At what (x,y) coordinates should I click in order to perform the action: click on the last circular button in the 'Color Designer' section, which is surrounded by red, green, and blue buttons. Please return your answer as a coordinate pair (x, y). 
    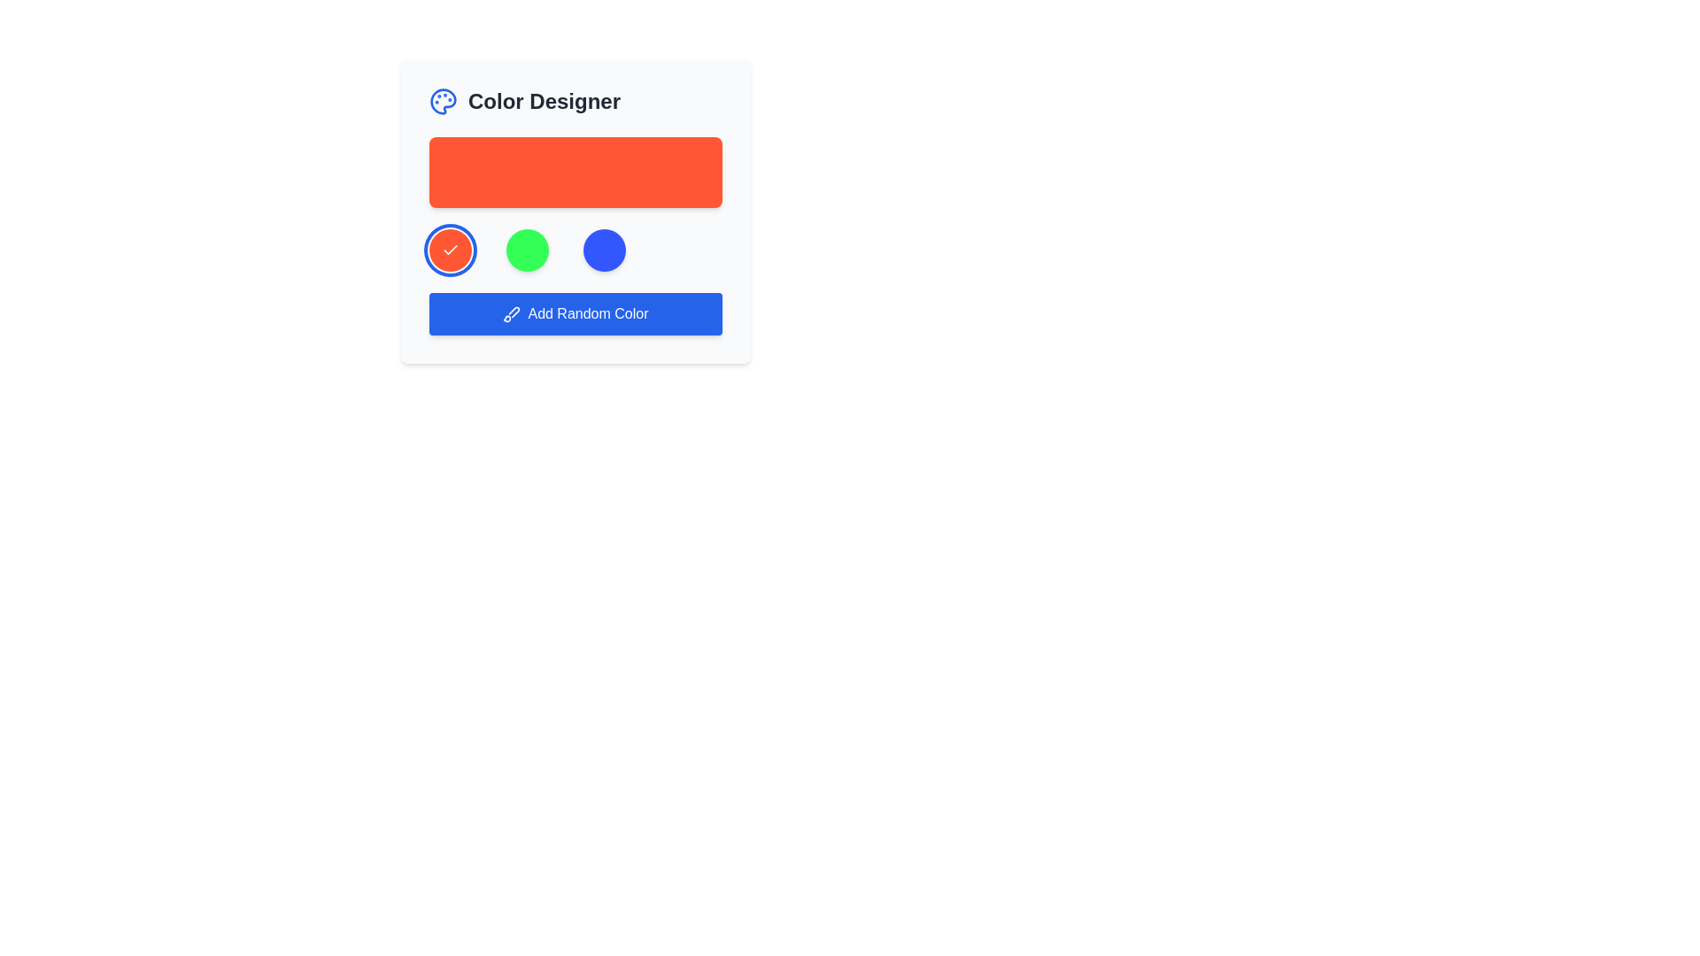
    Looking at the image, I should click on (604, 250).